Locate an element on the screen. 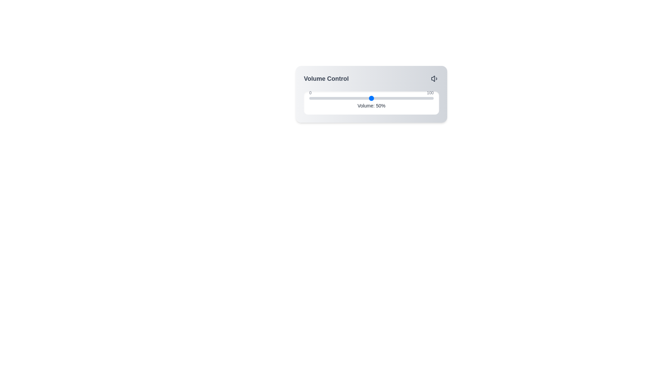 The width and height of the screenshot is (649, 365). the volume to 34% by dragging the slider is located at coordinates (352, 98).